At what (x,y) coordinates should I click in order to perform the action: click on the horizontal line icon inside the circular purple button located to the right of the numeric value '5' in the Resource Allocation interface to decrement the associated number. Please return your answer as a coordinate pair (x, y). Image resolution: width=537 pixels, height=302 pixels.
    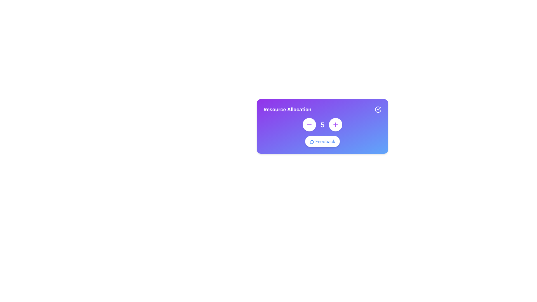
    Looking at the image, I should click on (309, 124).